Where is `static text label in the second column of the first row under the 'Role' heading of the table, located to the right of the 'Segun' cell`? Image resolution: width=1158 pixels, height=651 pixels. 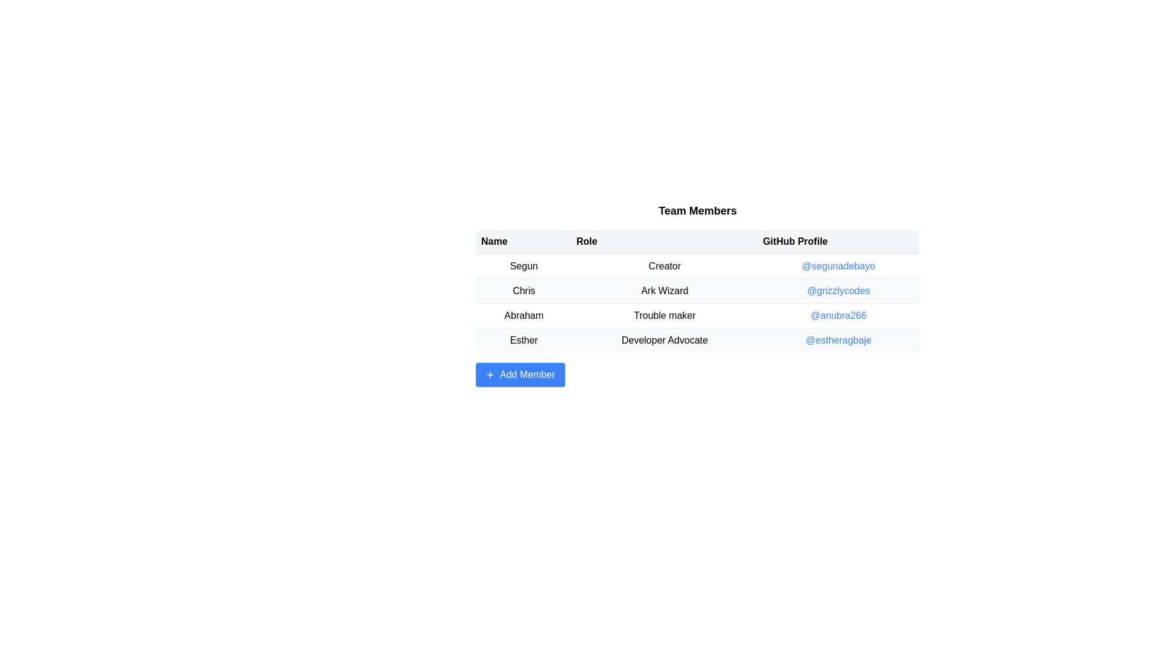
static text label in the second column of the first row under the 'Role' heading of the table, located to the right of the 'Segun' cell is located at coordinates (664, 266).